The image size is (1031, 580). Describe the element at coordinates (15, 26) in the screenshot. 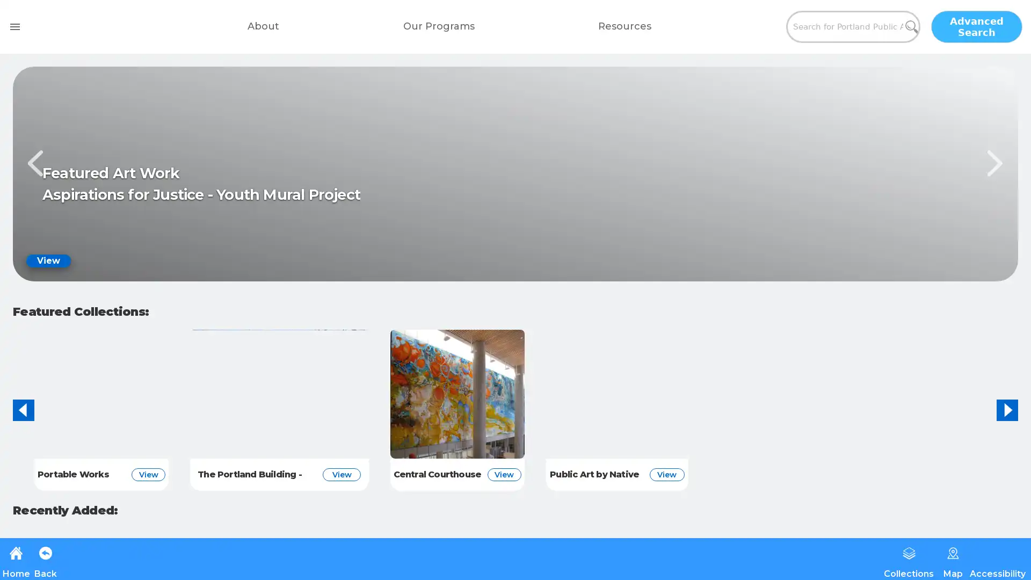

I see `open drawer` at that location.